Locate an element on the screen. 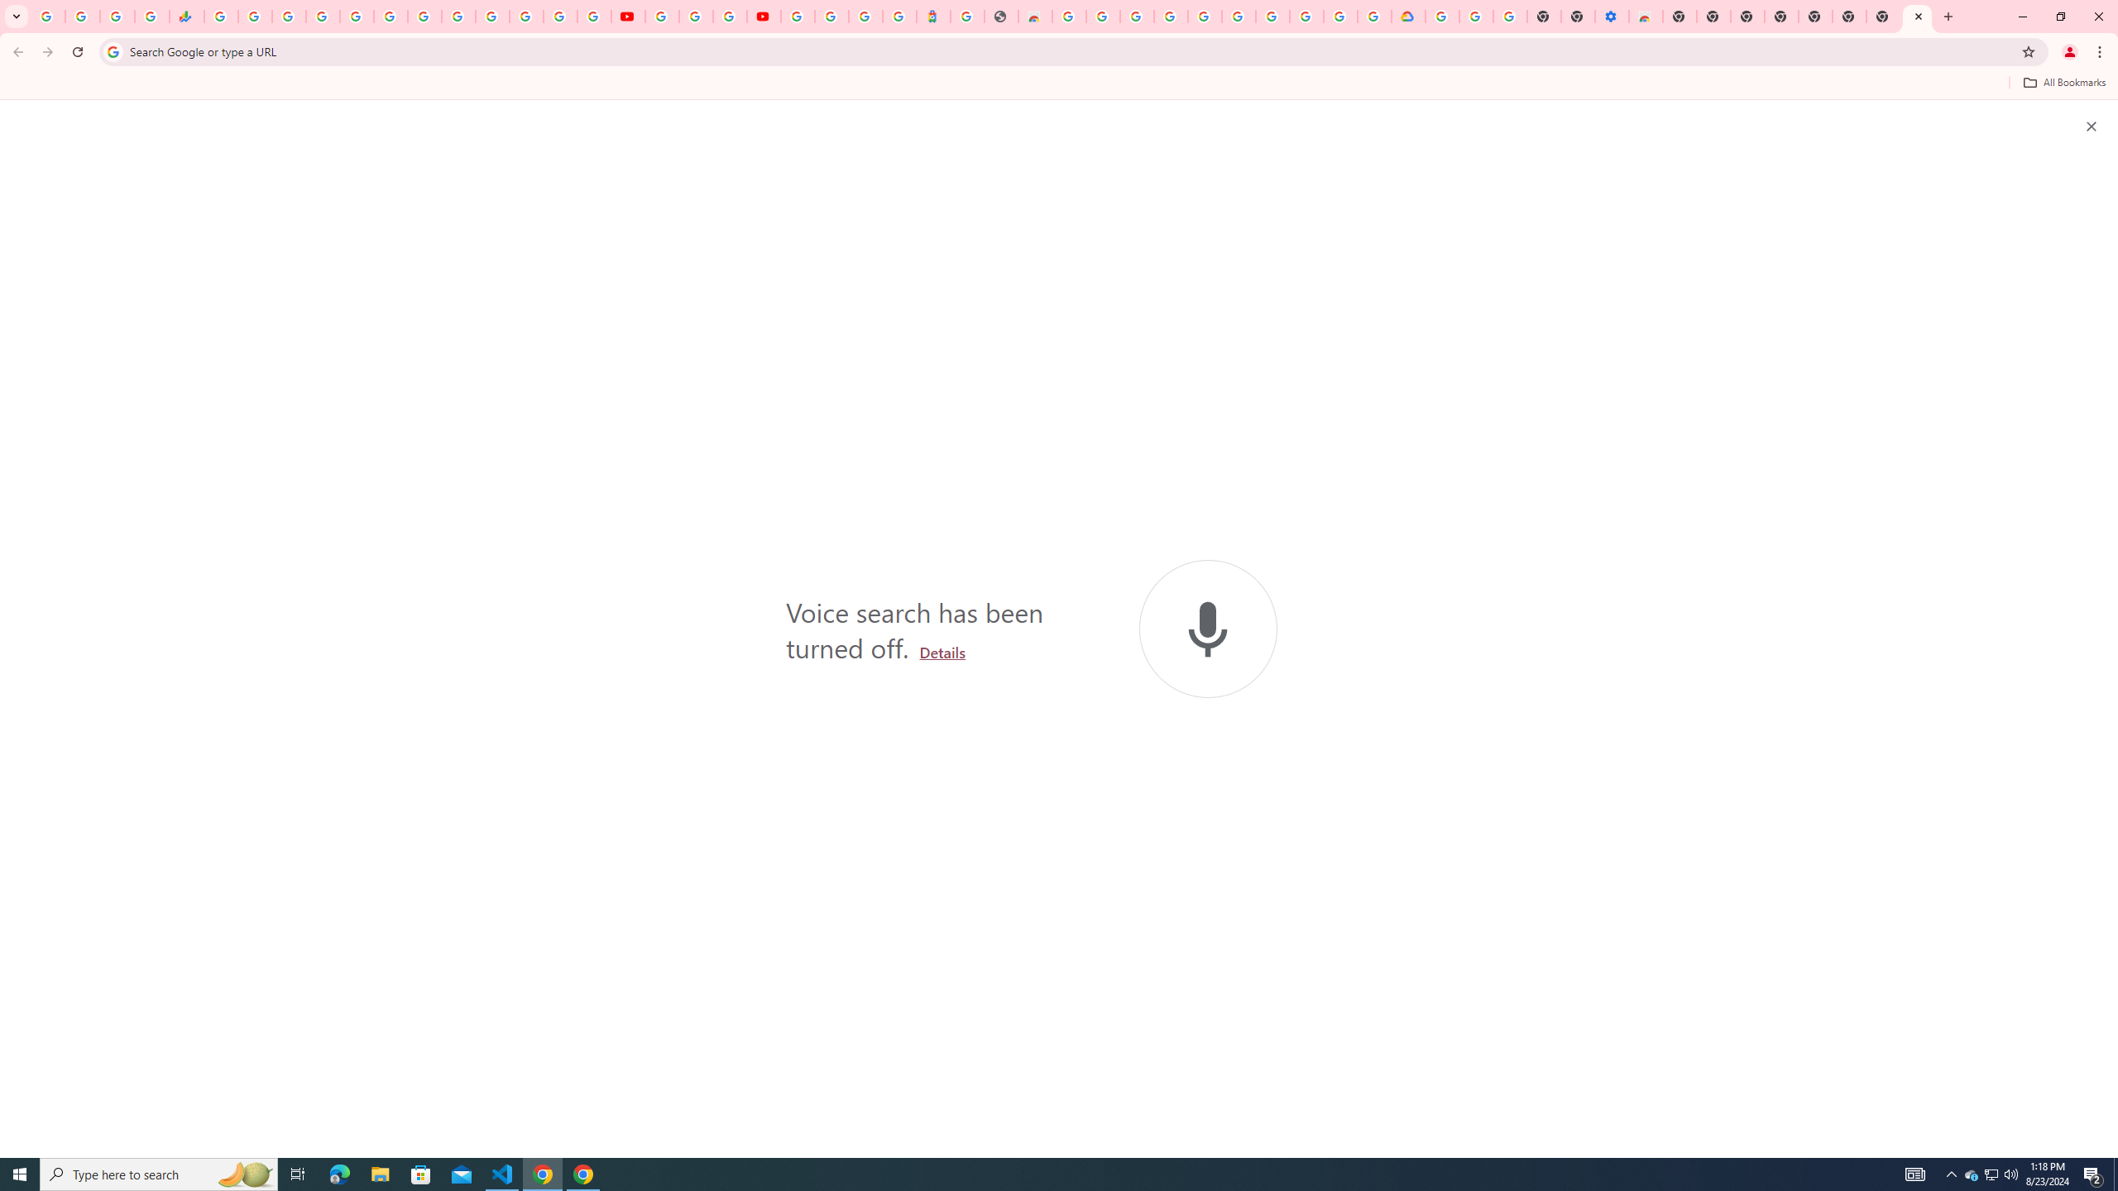  'Privacy Checkup' is located at coordinates (593, 16).